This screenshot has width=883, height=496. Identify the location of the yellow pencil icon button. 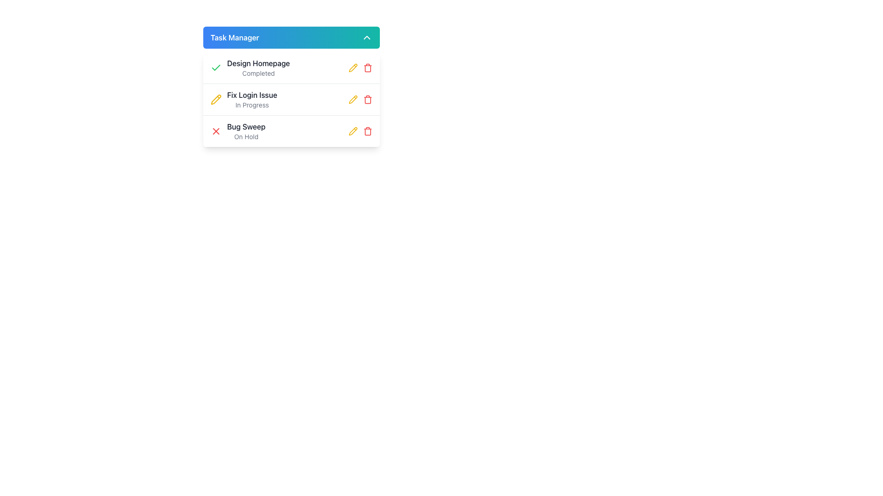
(353, 67).